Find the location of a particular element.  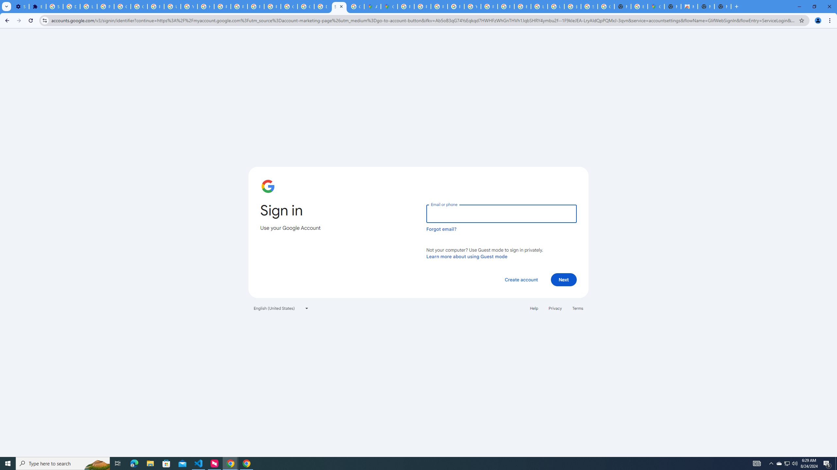

'Settings - On startup' is located at coordinates (20, 6).